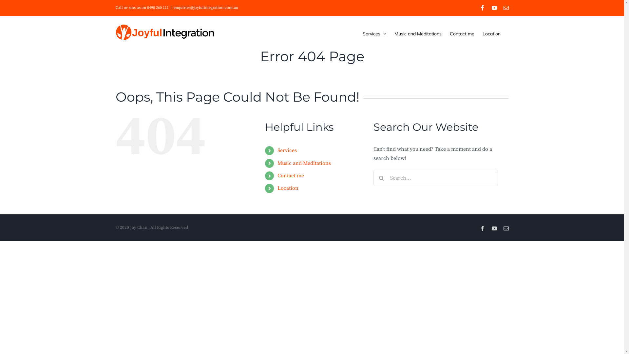  What do you see at coordinates (480, 228) in the screenshot?
I see `'Facebook'` at bounding box center [480, 228].